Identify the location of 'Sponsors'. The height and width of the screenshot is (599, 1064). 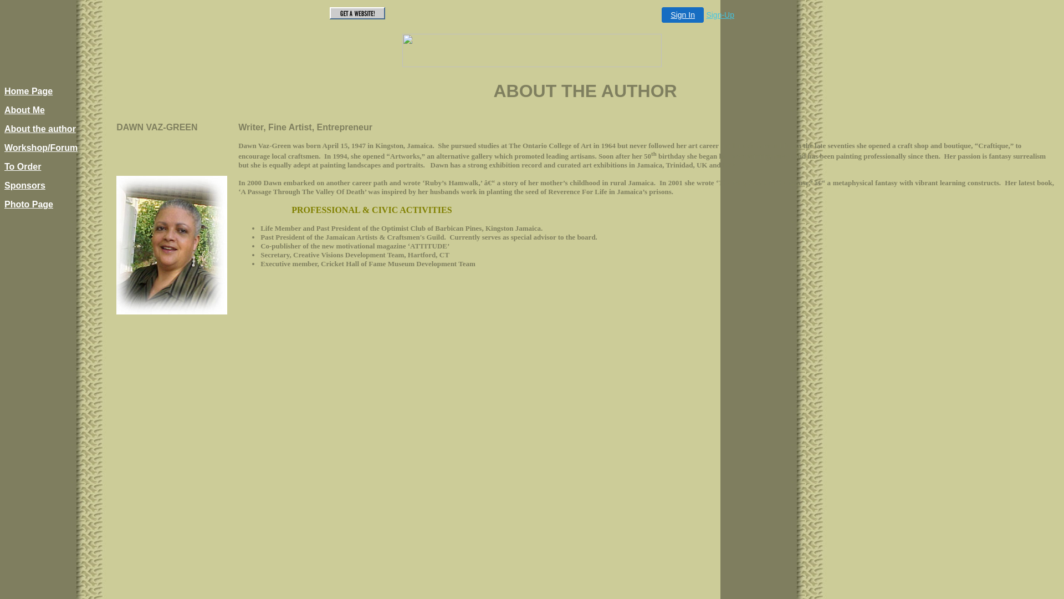
(4, 185).